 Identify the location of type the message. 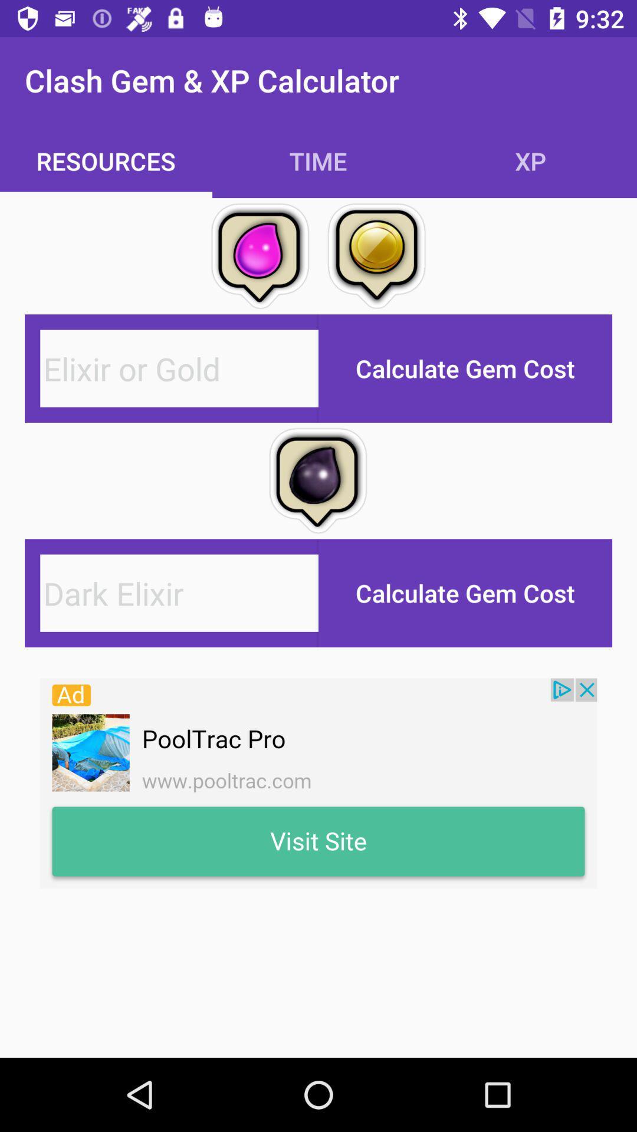
(179, 368).